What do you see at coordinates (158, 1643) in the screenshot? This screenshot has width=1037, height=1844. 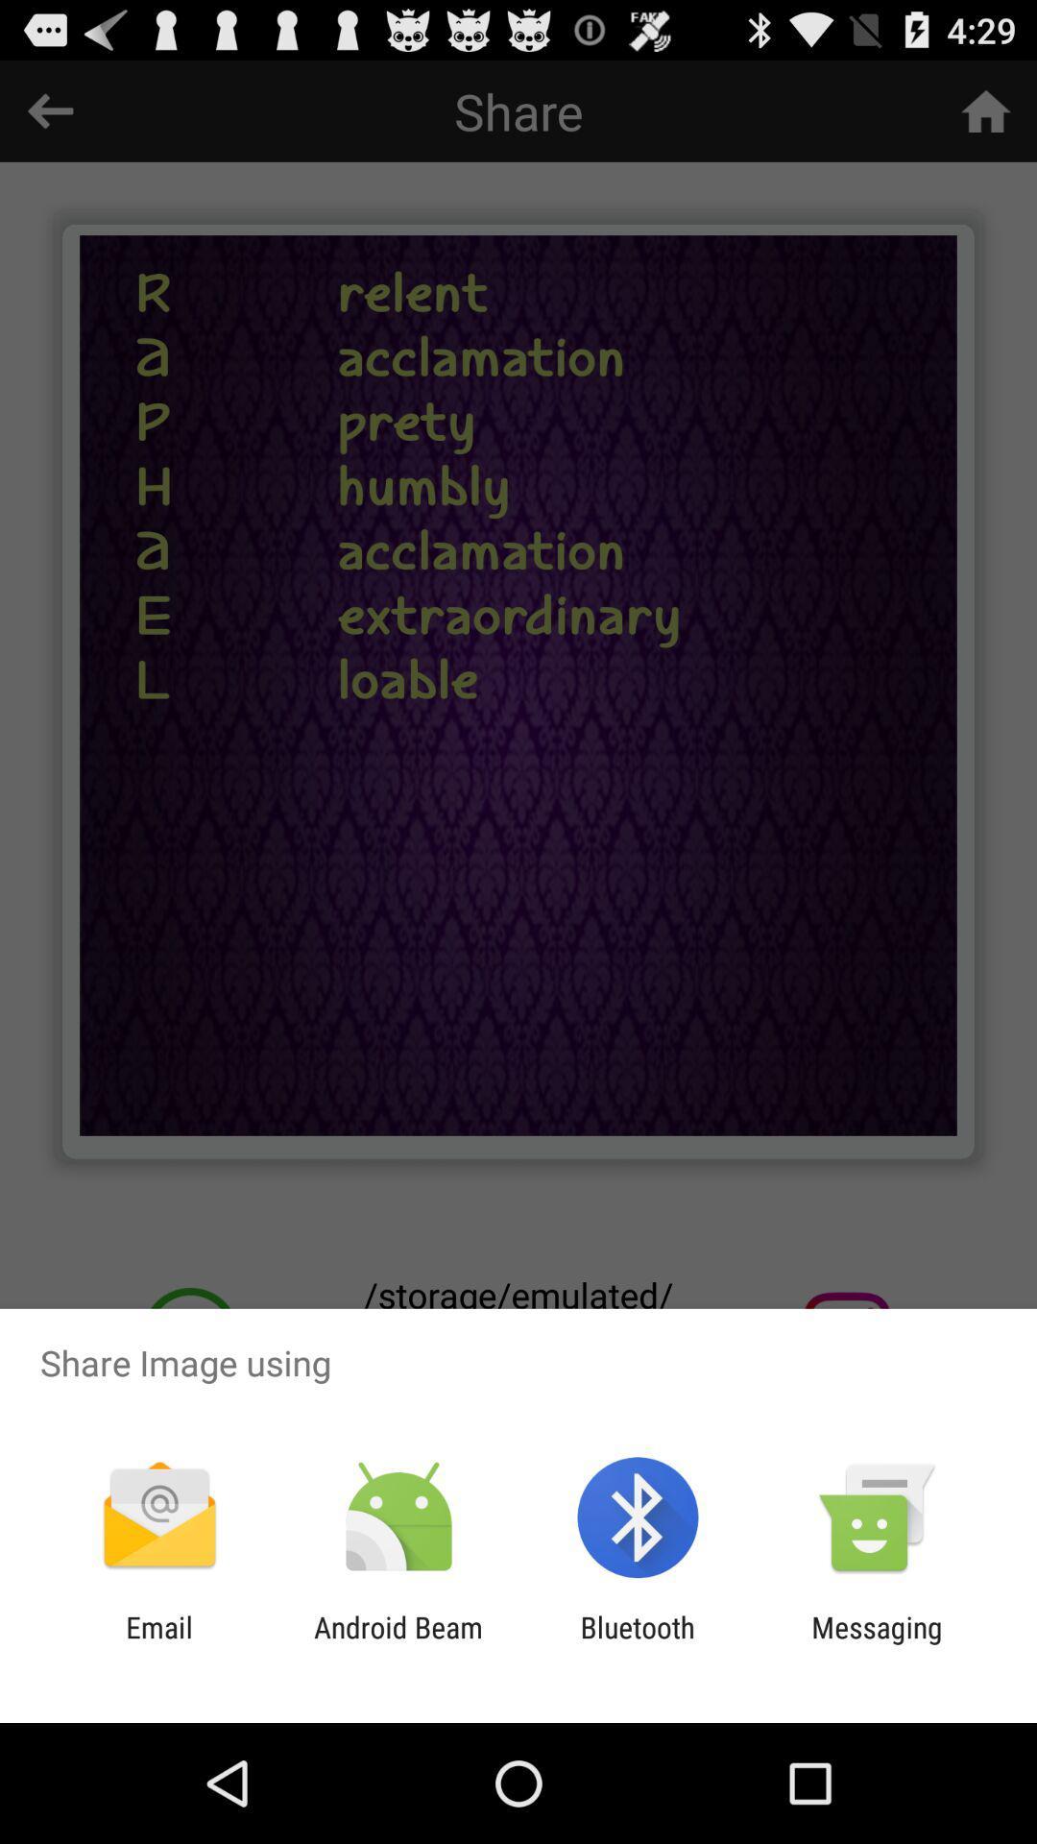 I see `the email app` at bounding box center [158, 1643].